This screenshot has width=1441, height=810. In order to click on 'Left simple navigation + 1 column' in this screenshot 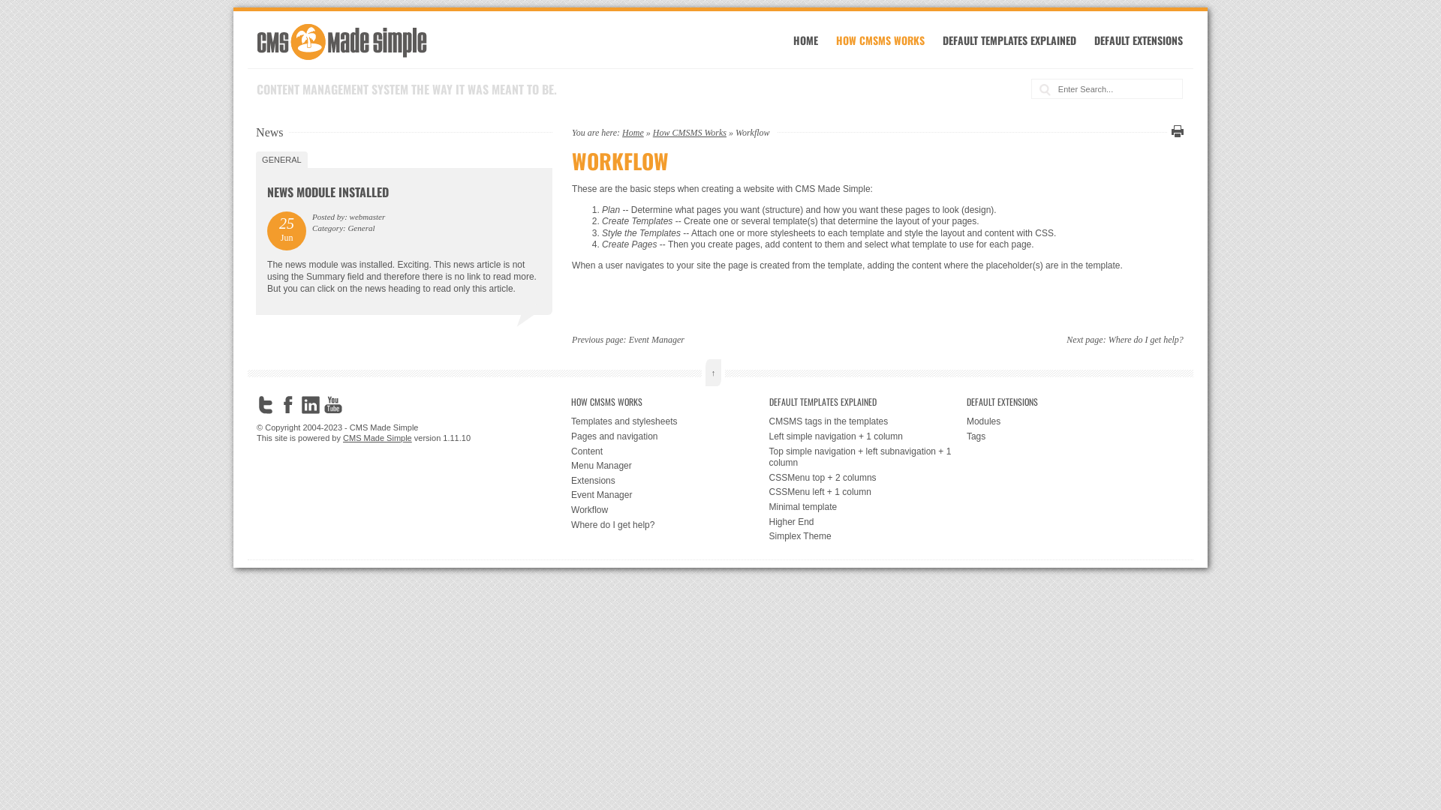, I will do `click(768, 436)`.